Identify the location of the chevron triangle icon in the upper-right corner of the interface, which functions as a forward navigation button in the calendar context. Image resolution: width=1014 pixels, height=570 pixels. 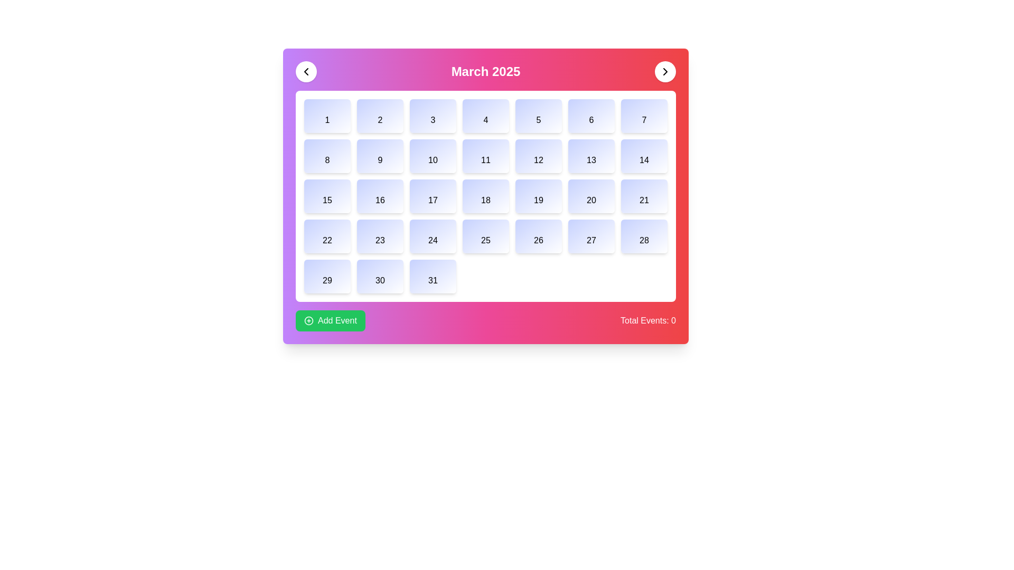
(664, 71).